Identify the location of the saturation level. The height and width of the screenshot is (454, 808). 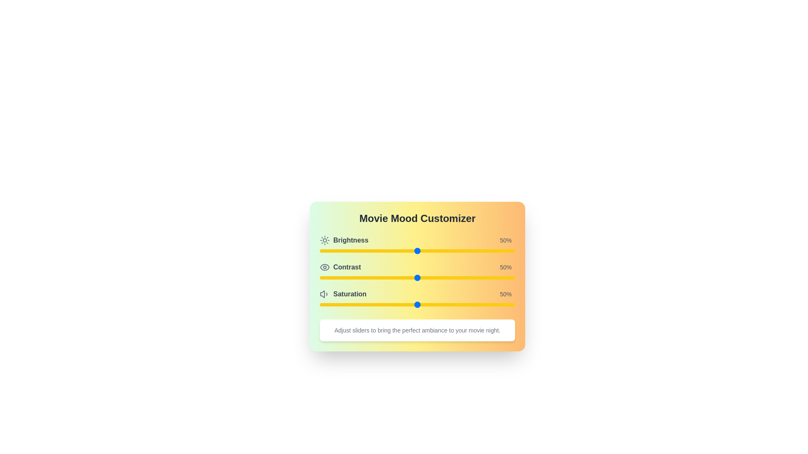
(364, 305).